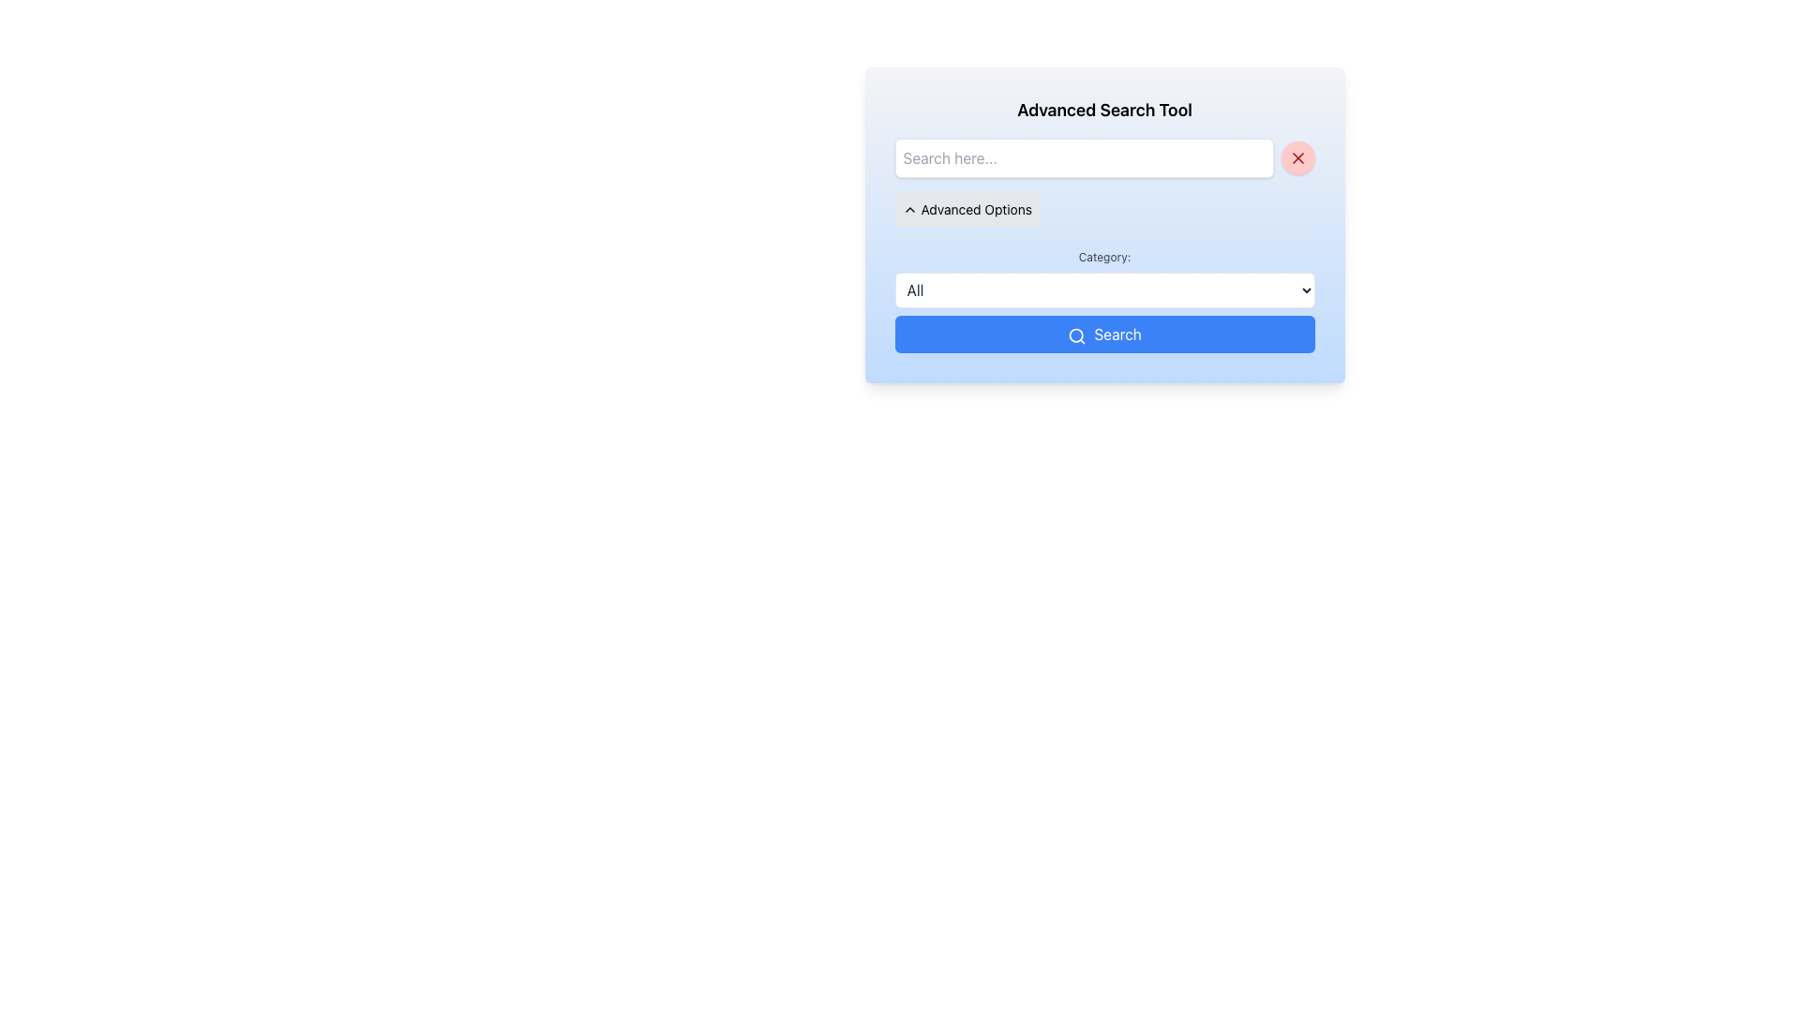 This screenshot has width=1800, height=1012. What do you see at coordinates (1104, 334) in the screenshot?
I see `the 'Search' button with a blue background and a magnifying glass icon` at bounding box center [1104, 334].